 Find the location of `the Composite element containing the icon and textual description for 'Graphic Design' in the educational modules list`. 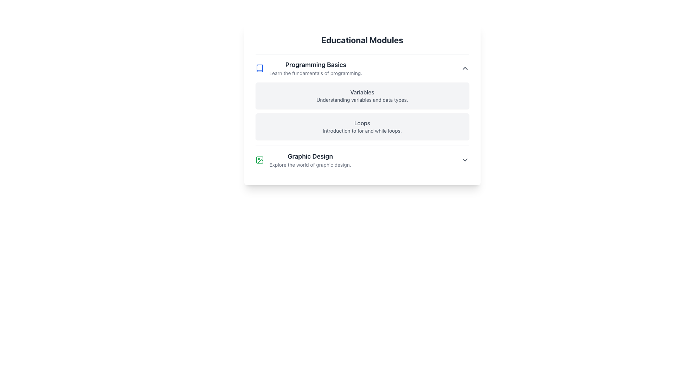

the Composite element containing the icon and textual description for 'Graphic Design' in the educational modules list is located at coordinates (303, 160).